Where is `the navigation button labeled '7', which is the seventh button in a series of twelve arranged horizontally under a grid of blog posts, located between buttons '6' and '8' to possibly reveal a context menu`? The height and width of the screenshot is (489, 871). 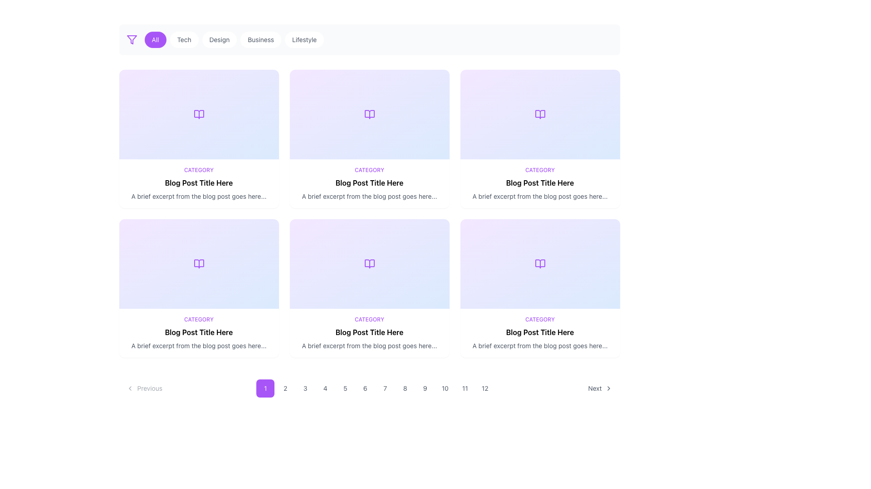
the navigation button labeled '7', which is the seventh button in a series of twelve arranged horizontally under a grid of blog posts, located between buttons '6' and '8' to possibly reveal a context menu is located at coordinates (385, 388).